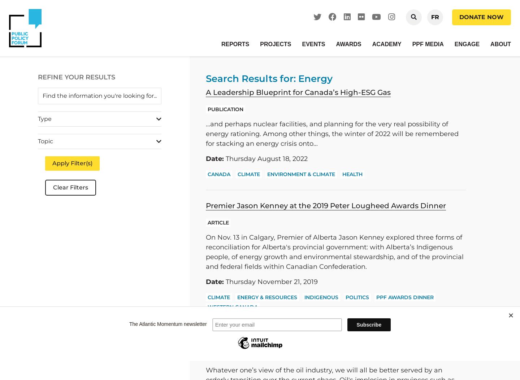 The image size is (520, 380). Describe the element at coordinates (352, 174) in the screenshot. I see `'Health'` at that location.